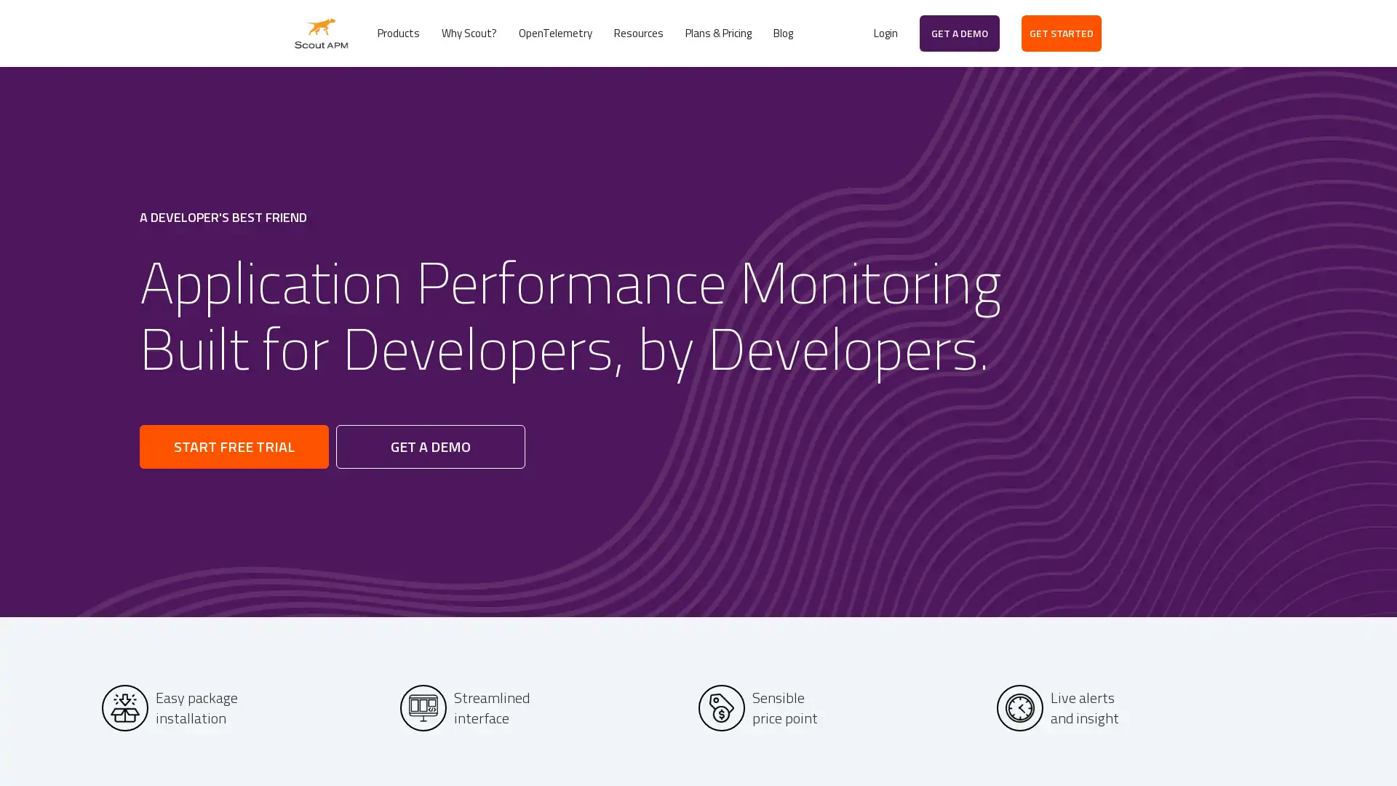 The image size is (1397, 786). I want to click on START FREE TRIAL, so click(234, 445).